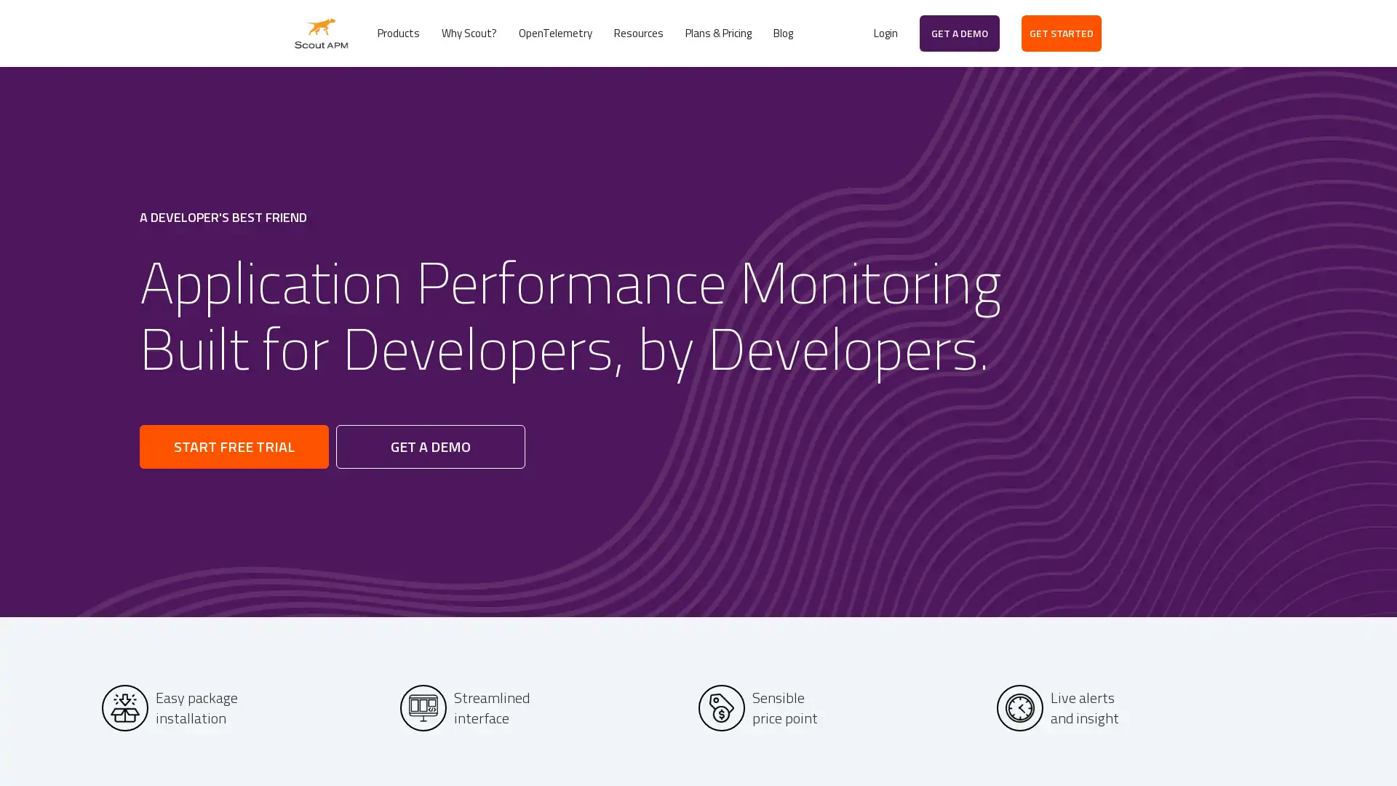 The image size is (1397, 786). I want to click on START FREE TRIAL, so click(234, 445).